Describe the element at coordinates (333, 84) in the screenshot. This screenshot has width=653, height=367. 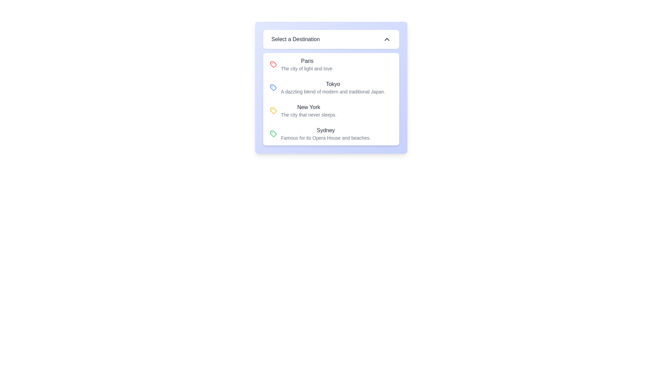
I see `the 'Tokyo' text label, which is the second item in the list under the 'Select a Destination' panel, for selection` at that location.